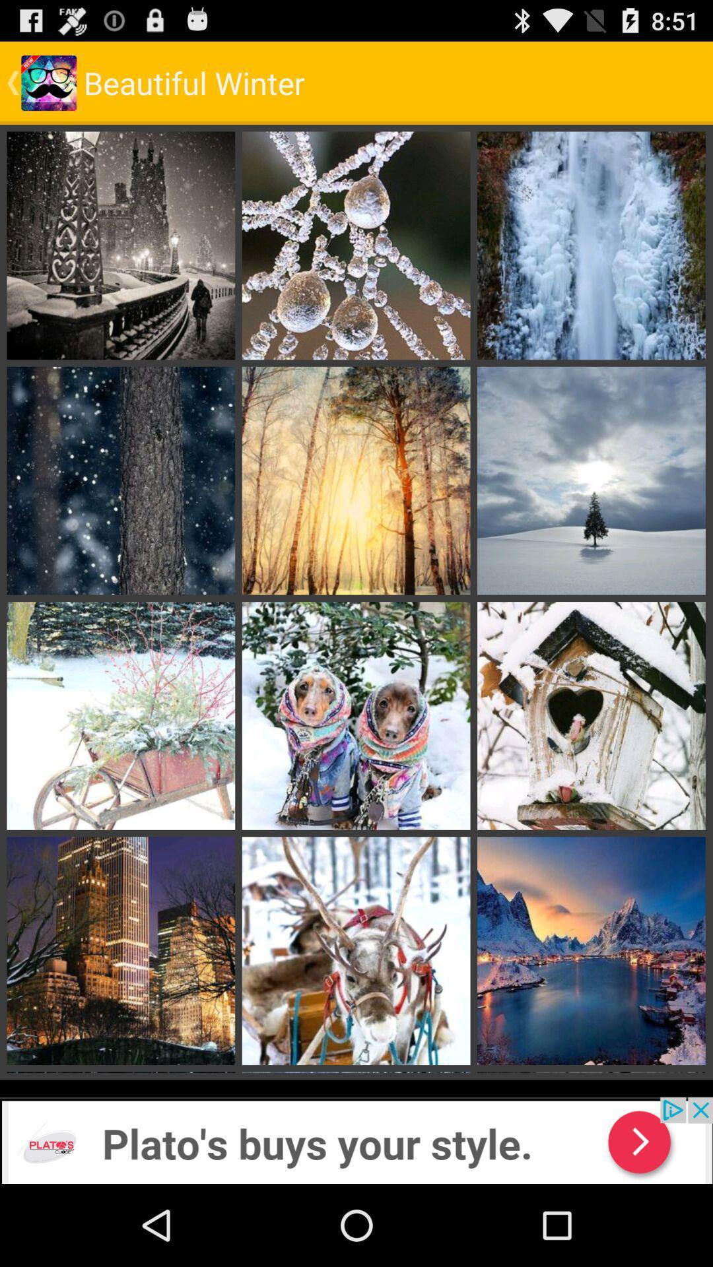  I want to click on advertisement website, so click(356, 1140).